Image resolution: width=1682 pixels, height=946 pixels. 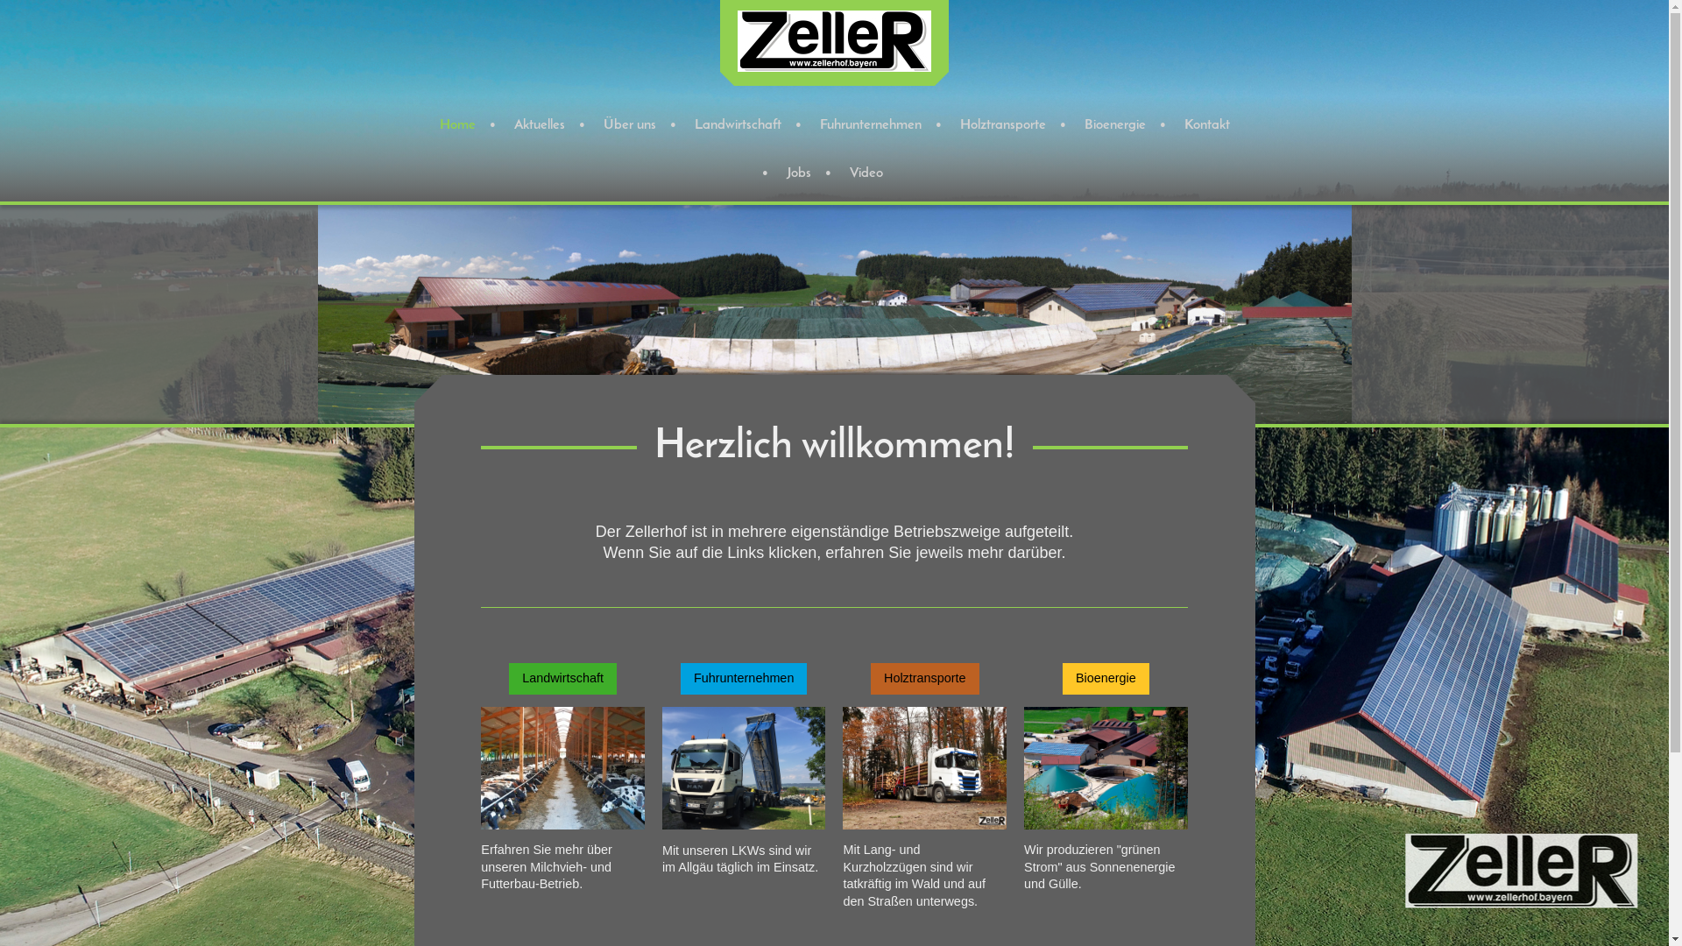 What do you see at coordinates (737, 124) in the screenshot?
I see `'Landwirtschaft'` at bounding box center [737, 124].